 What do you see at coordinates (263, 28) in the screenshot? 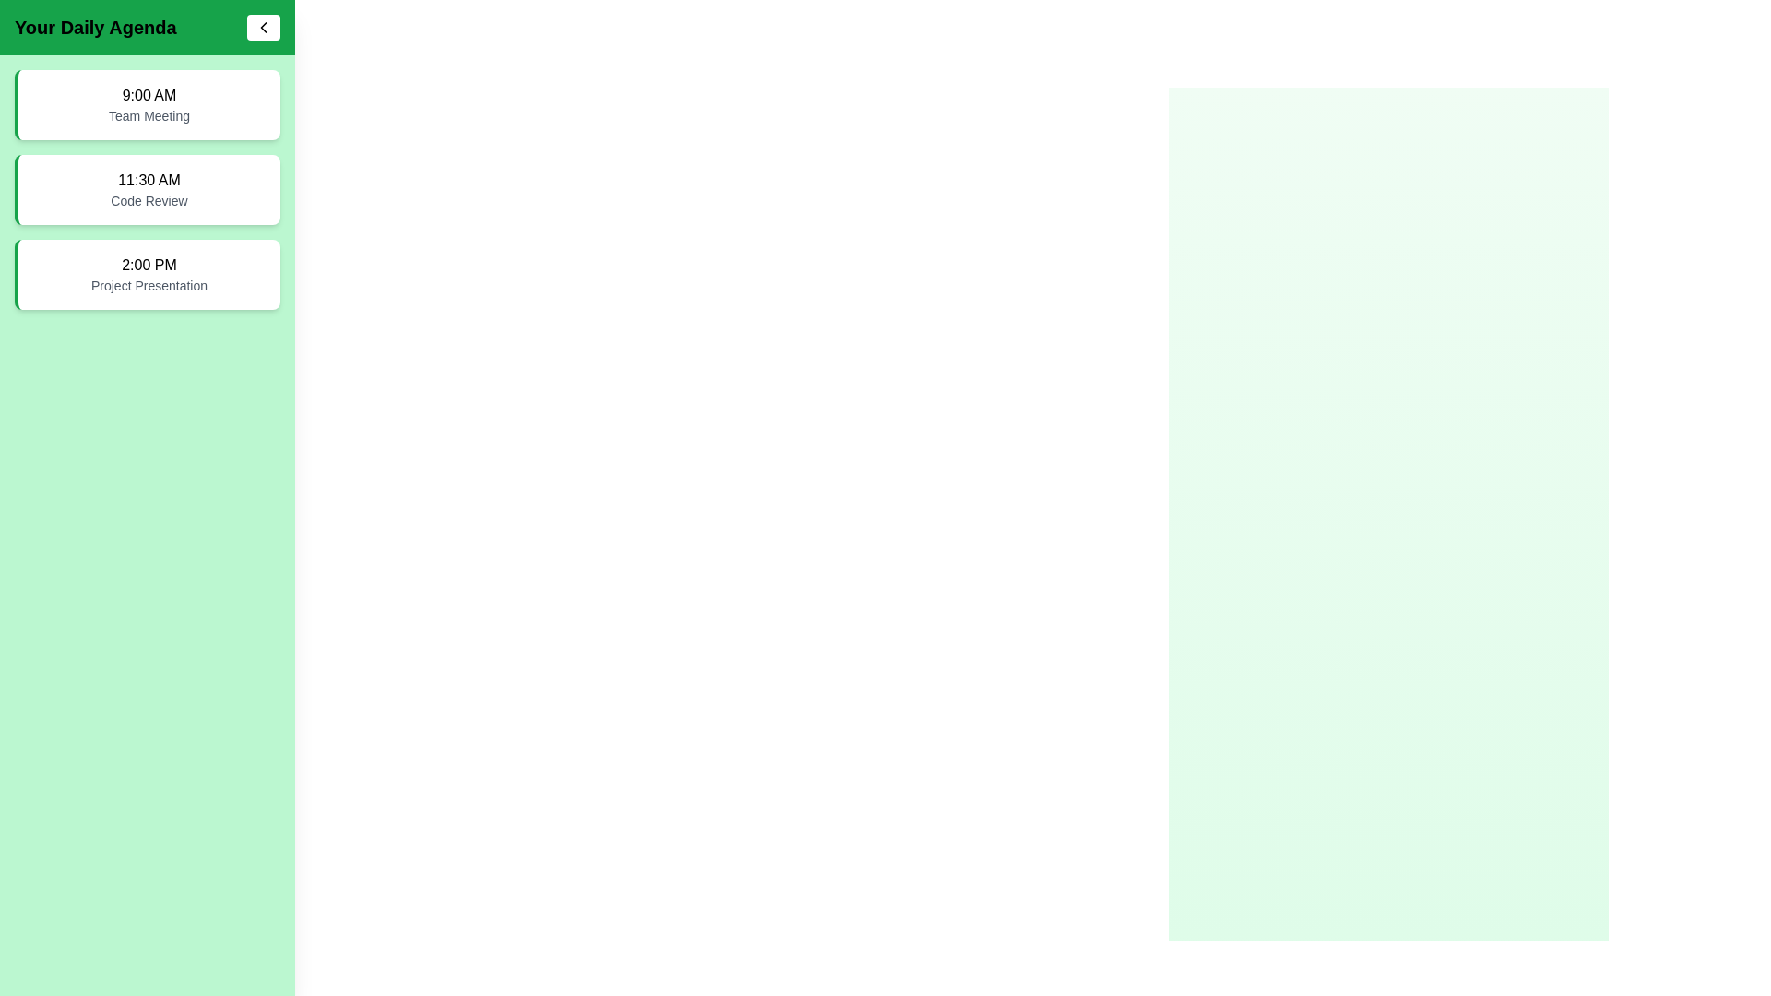
I see `the rectangular button with a white background and a chevron-left icon located in the top-right corner of the green header bar labeled 'Your Daily Agenda'` at bounding box center [263, 28].